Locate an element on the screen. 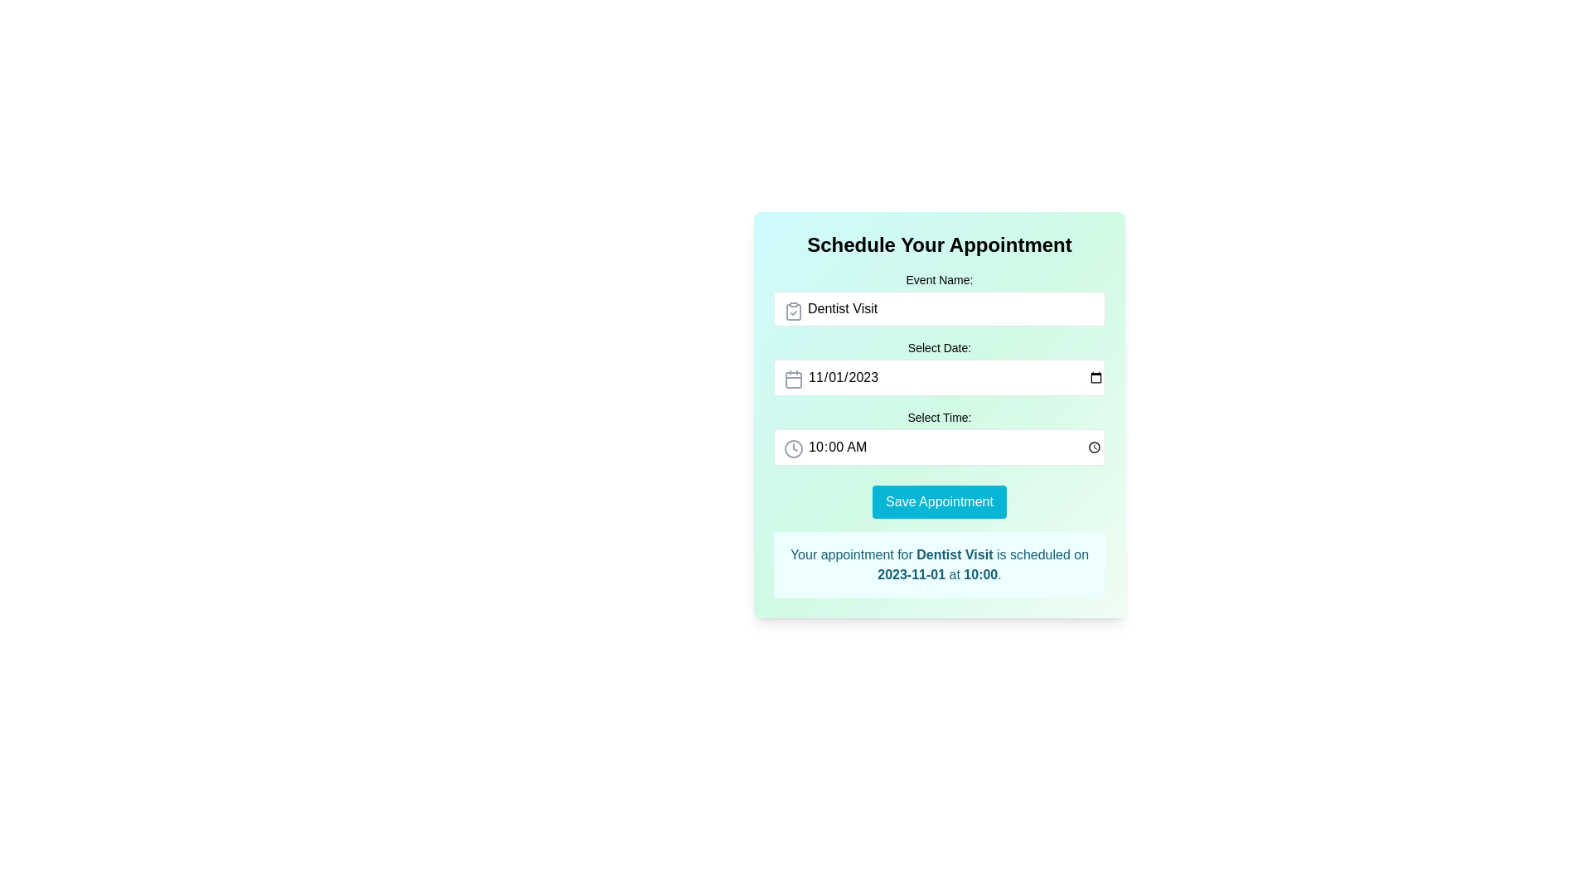 This screenshot has height=895, width=1591. all text in the text input field for the event name, which is located below the label 'Event Name:' and has a default value of 'Dentist Visit' is located at coordinates (939, 309).